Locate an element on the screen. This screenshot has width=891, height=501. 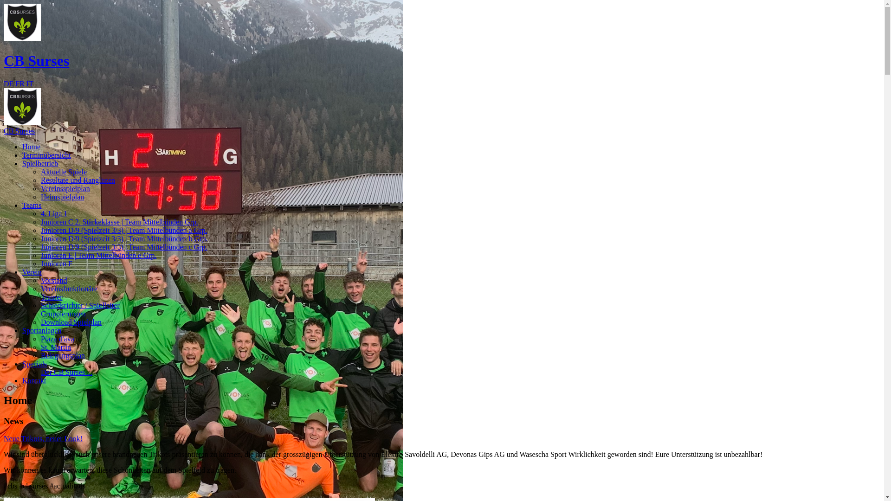
'Belegungsplan' is located at coordinates (62, 355).